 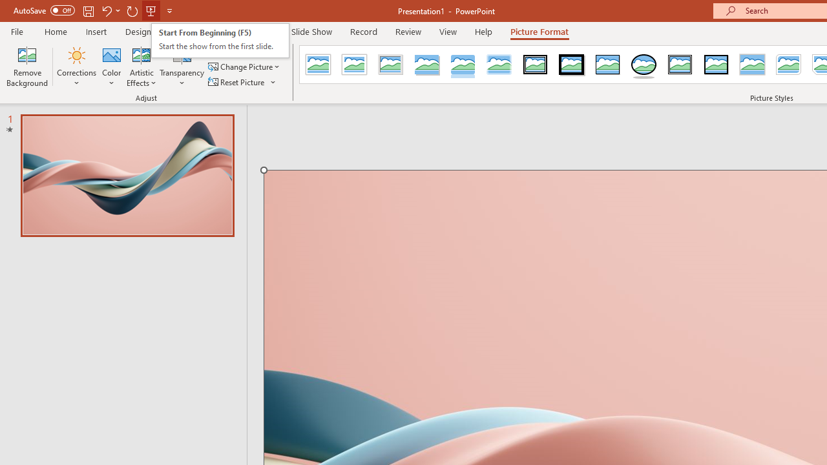 What do you see at coordinates (55, 31) in the screenshot?
I see `'Home'` at bounding box center [55, 31].